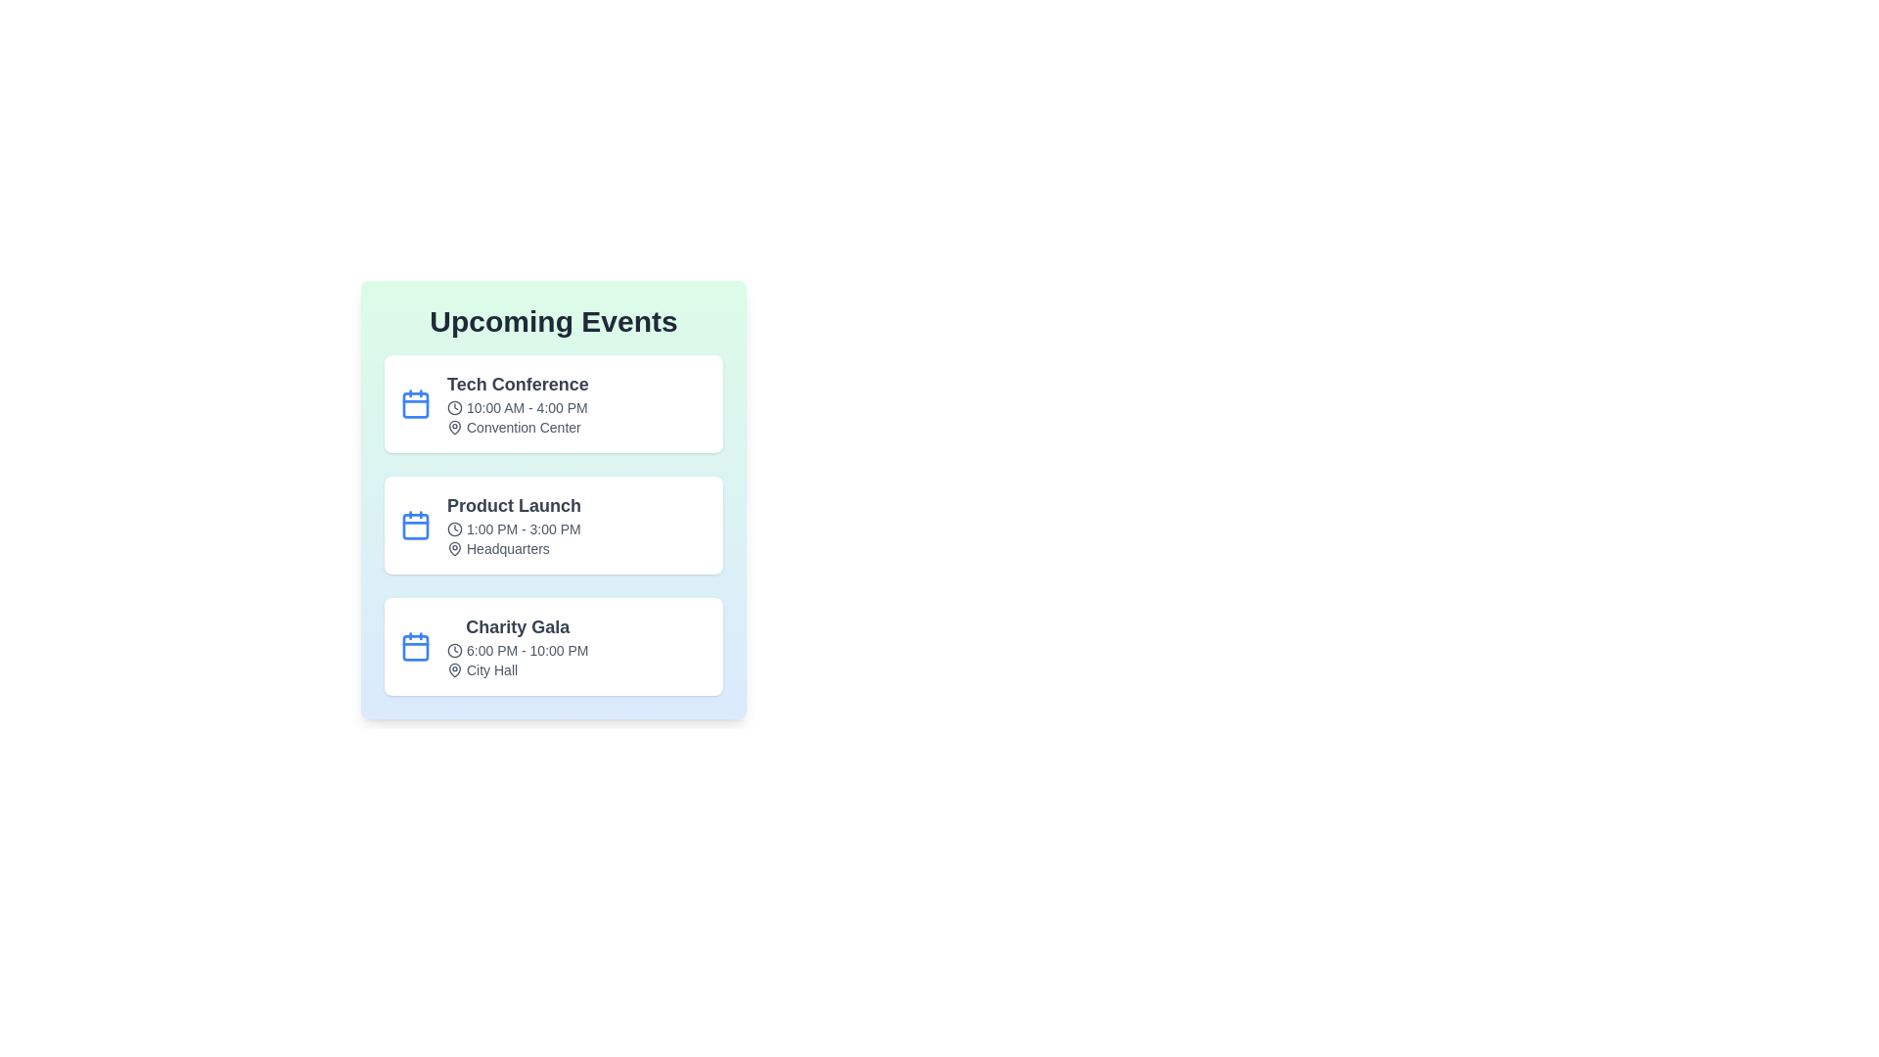  I want to click on the event titled 'Tech Conference' to view its details, so click(553, 402).